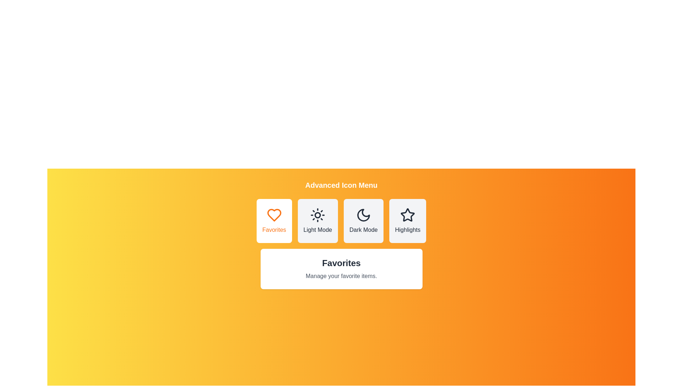 This screenshot has width=694, height=390. Describe the element at coordinates (274, 221) in the screenshot. I see `the 'Favorites' button, which is the first button in a row of four, located in the top-left corner of the row` at that location.